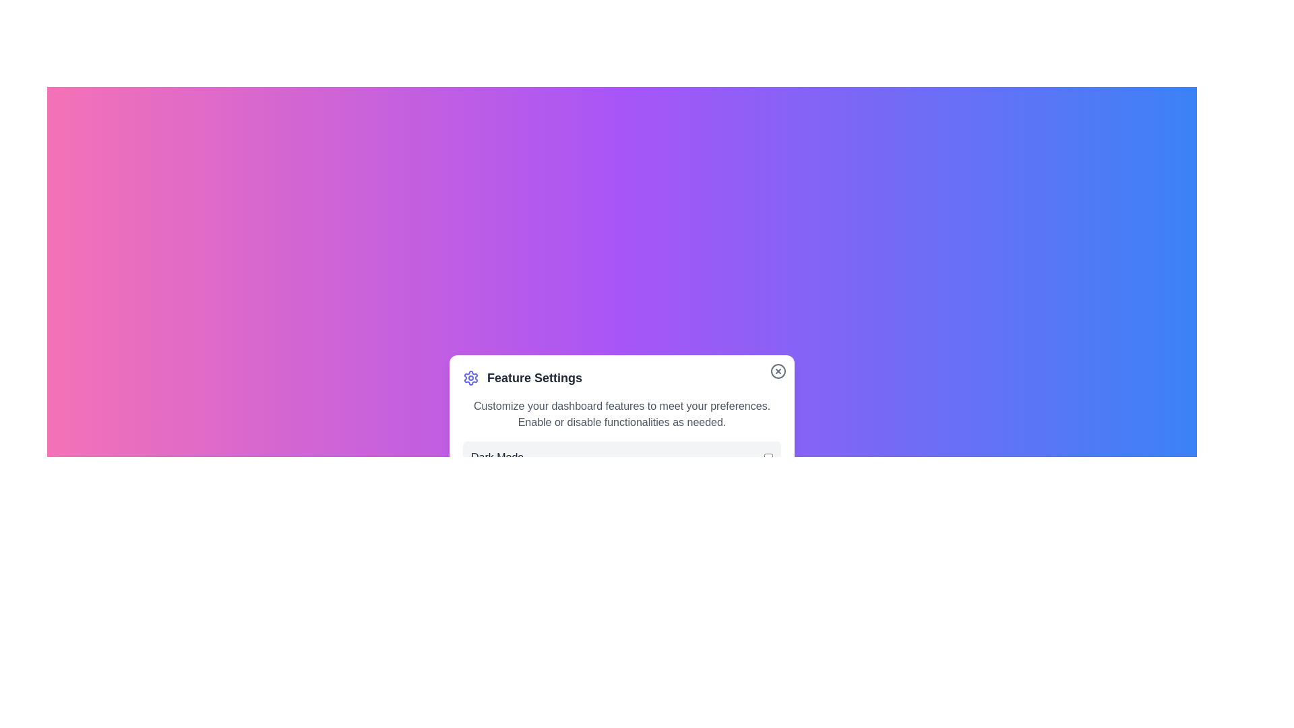 The image size is (1294, 728). Describe the element at coordinates (768, 456) in the screenshot. I see `the checkbox located at the far right of the 'Dark Mode' row` at that location.